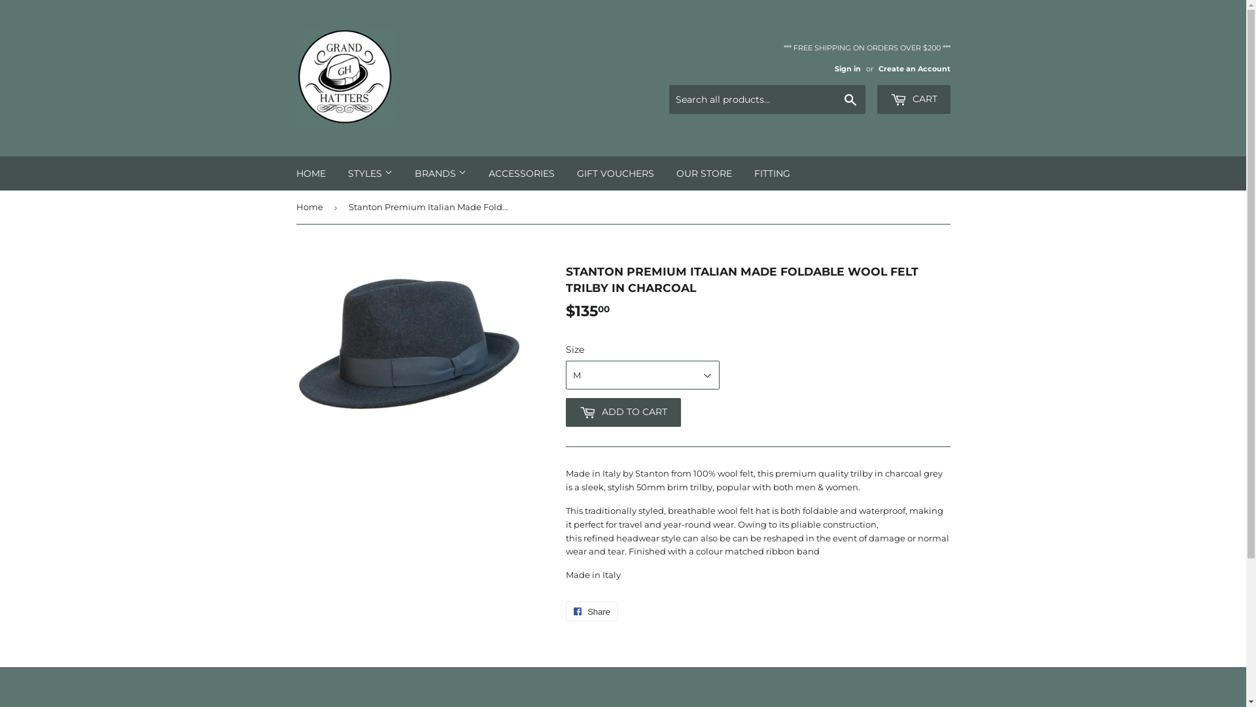 Image resolution: width=1256 pixels, height=707 pixels. I want to click on 'CART', so click(913, 98).